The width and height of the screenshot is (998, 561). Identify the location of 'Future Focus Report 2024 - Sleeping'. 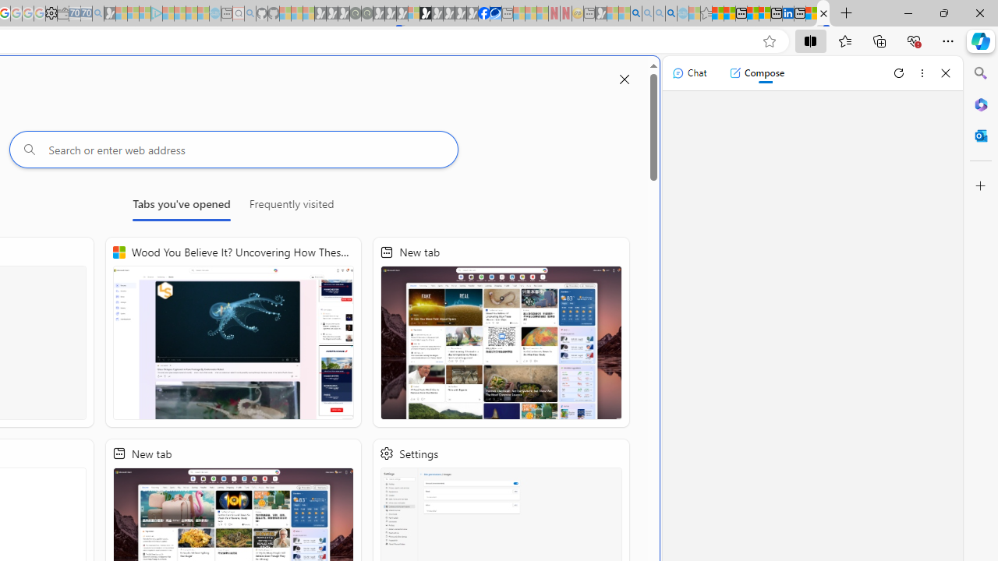
(366, 13).